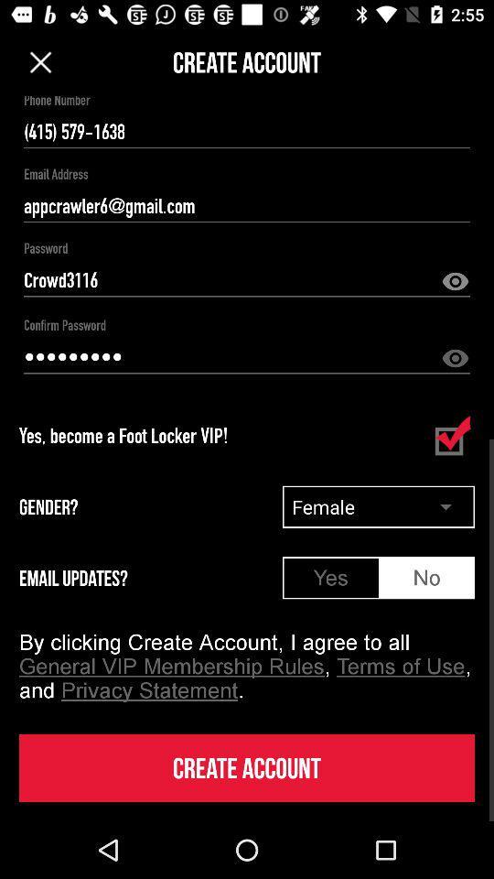 The image size is (494, 879). What do you see at coordinates (454, 358) in the screenshot?
I see `show the password` at bounding box center [454, 358].